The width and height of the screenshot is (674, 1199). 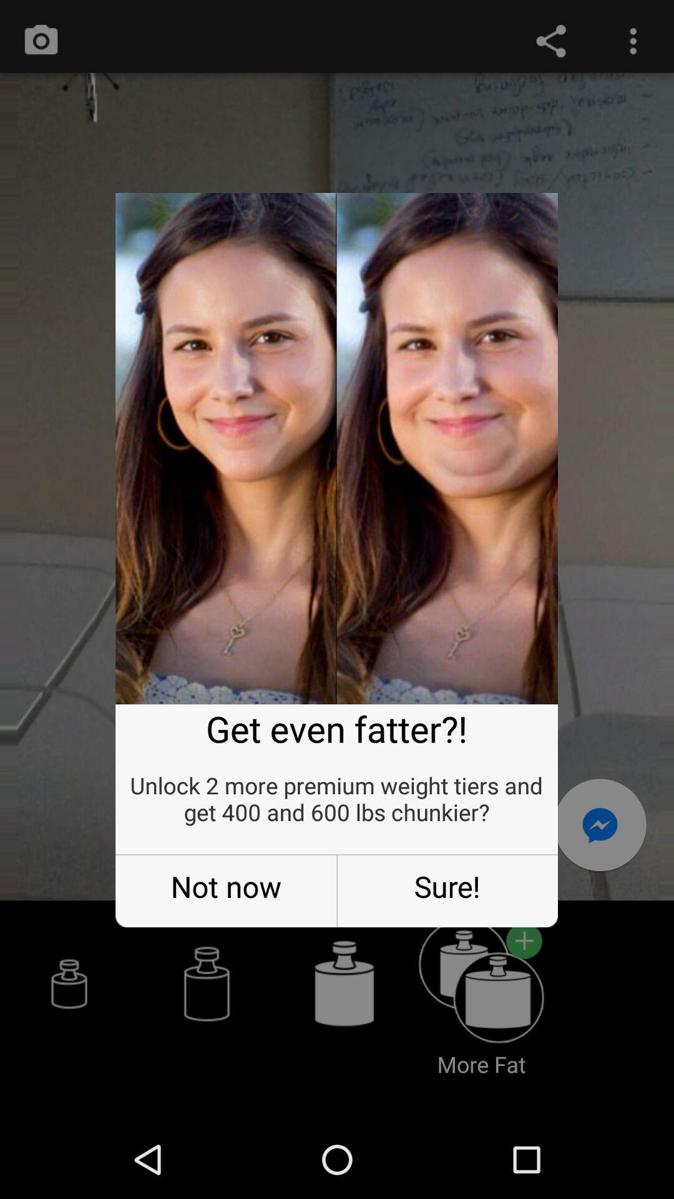 I want to click on the more icon, so click(x=633, y=44).